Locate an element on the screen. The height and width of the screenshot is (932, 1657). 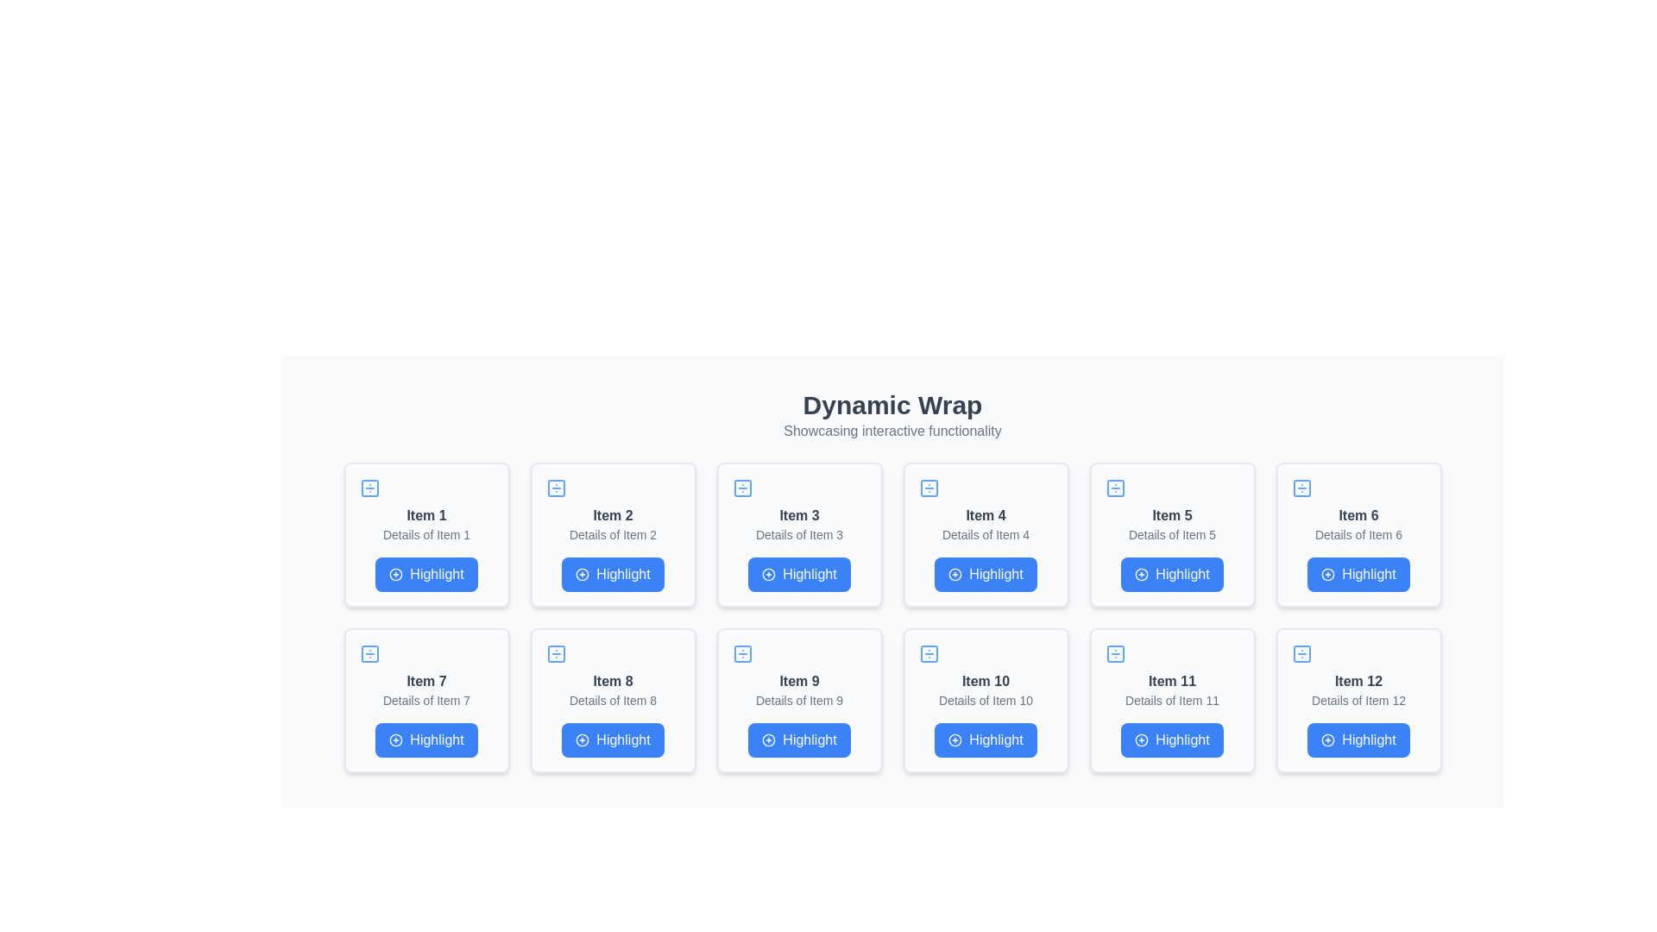
the 'Highlight' button is located at coordinates (1172, 739).